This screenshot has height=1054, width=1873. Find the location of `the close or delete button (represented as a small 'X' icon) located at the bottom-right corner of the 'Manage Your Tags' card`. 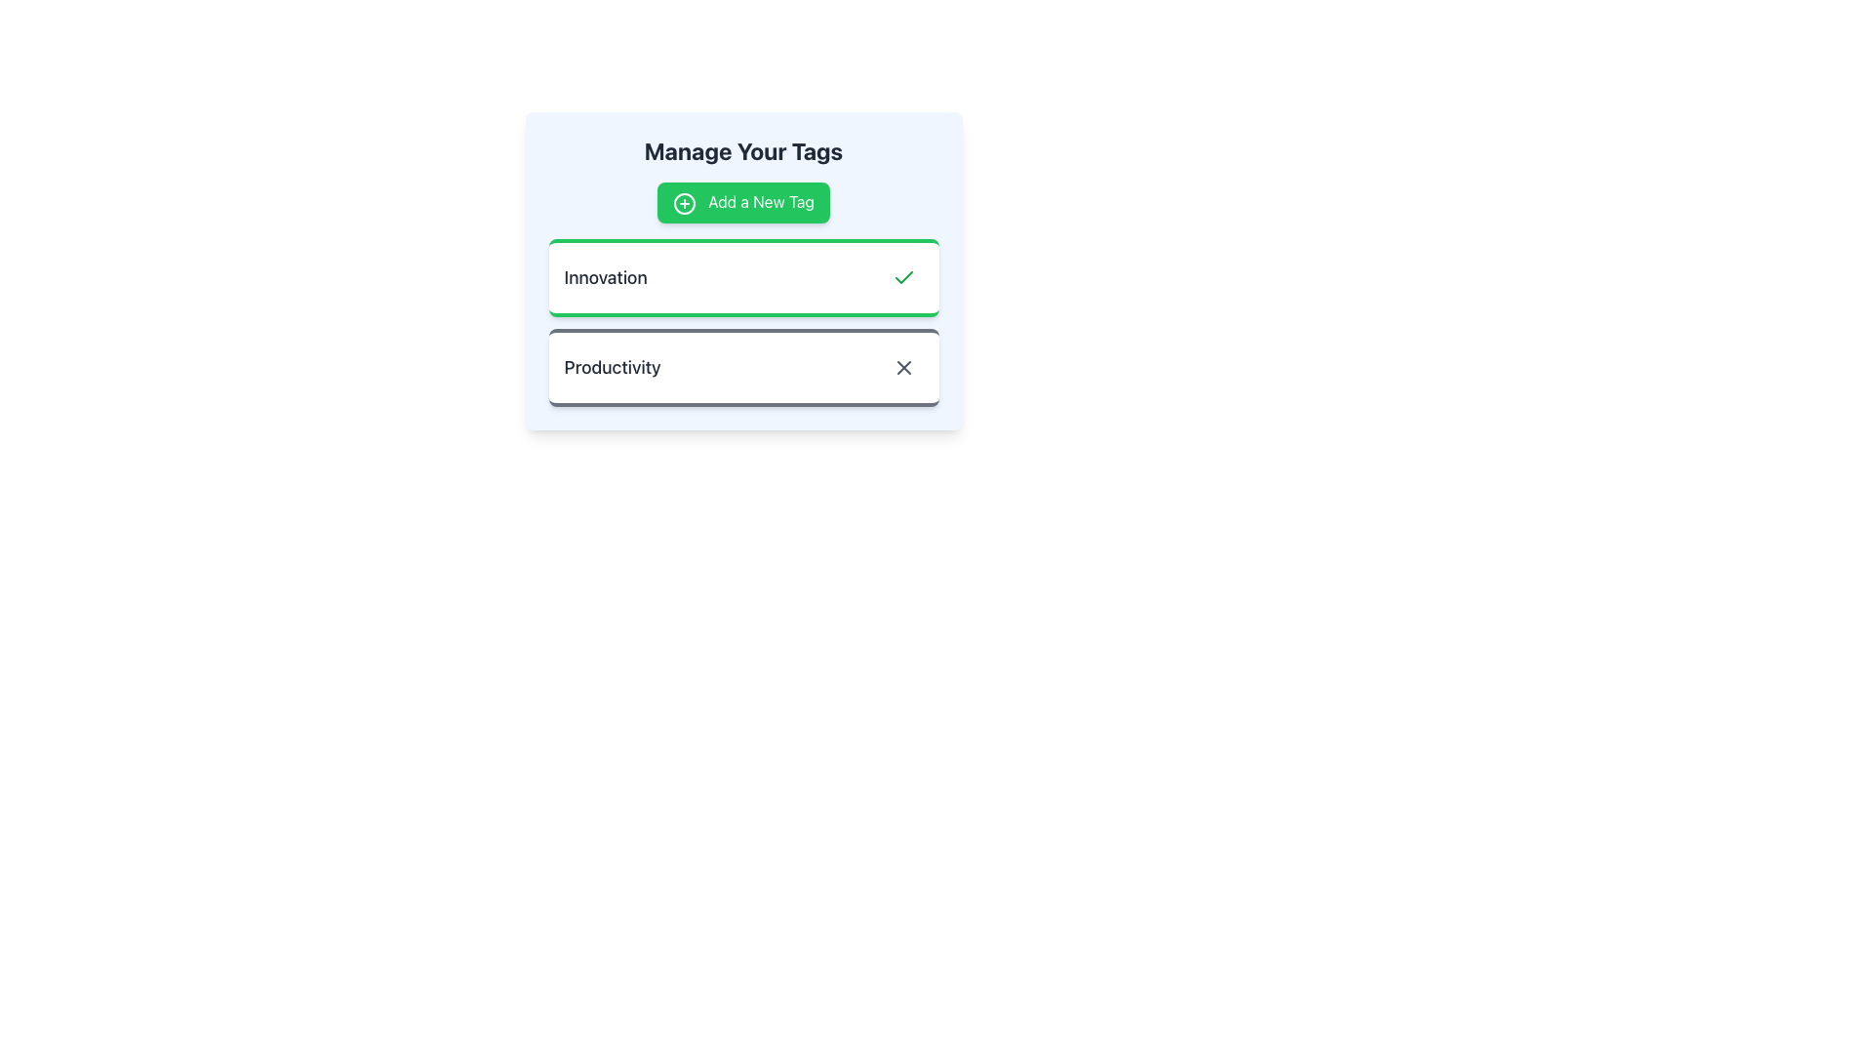

the close or delete button (represented as a small 'X' icon) located at the bottom-right corner of the 'Manage Your Tags' card is located at coordinates (902, 367).